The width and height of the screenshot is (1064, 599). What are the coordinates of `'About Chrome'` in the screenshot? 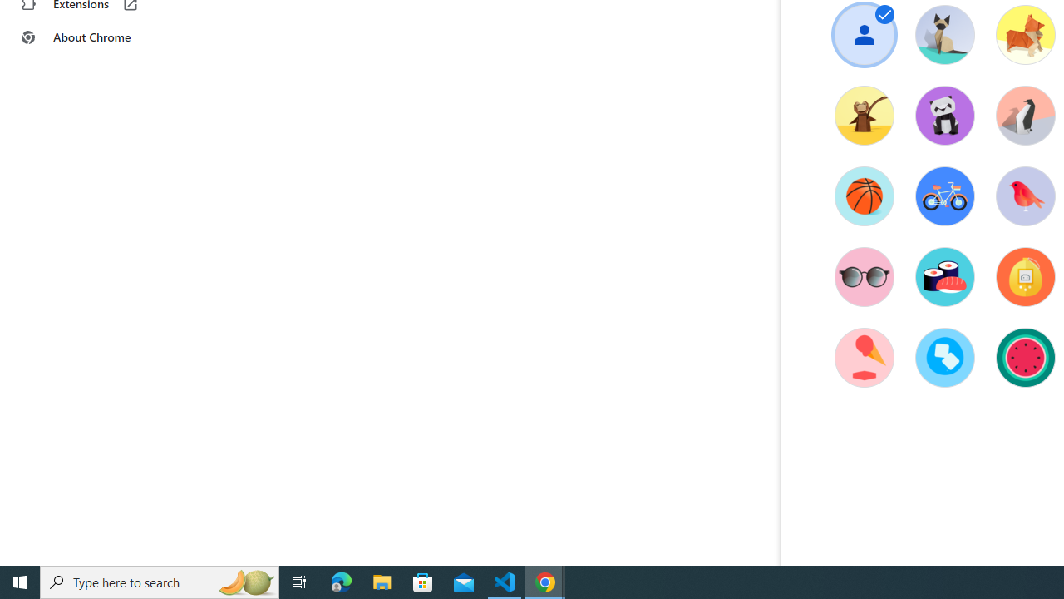 It's located at (102, 37).